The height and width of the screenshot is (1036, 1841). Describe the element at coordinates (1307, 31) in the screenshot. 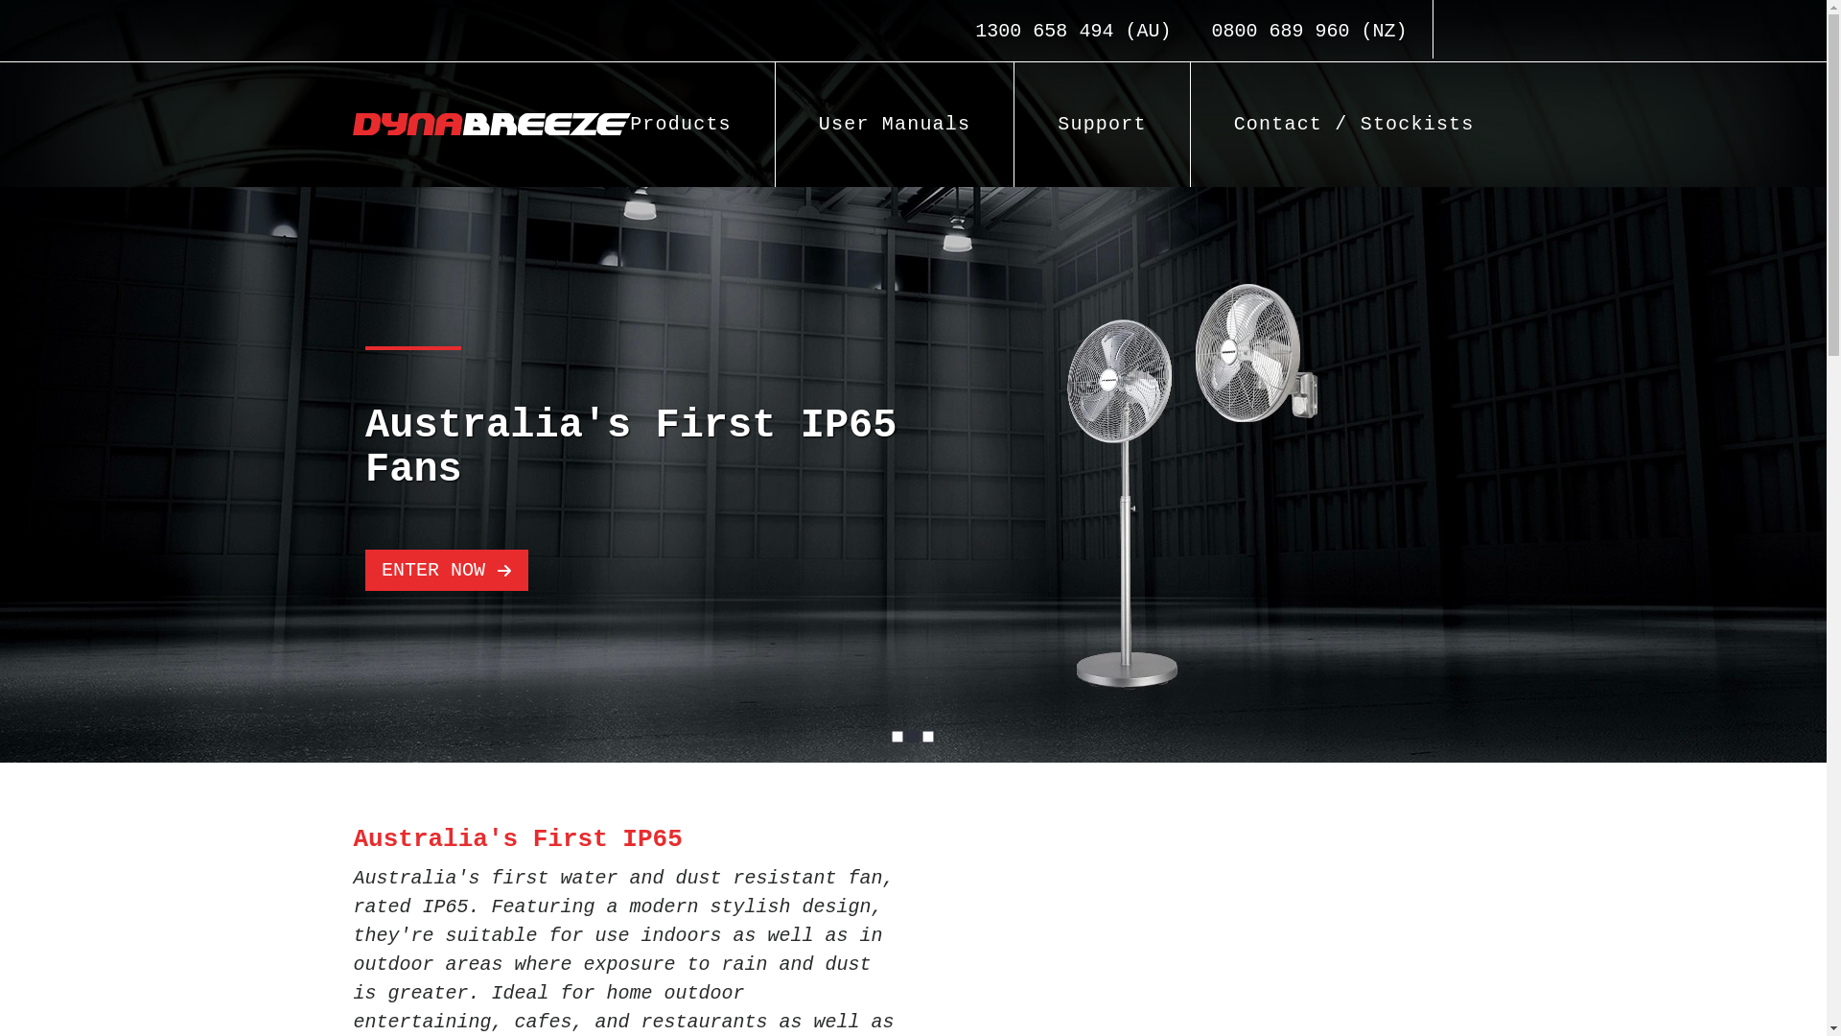

I see `'0800 689 960 (NZ)'` at that location.